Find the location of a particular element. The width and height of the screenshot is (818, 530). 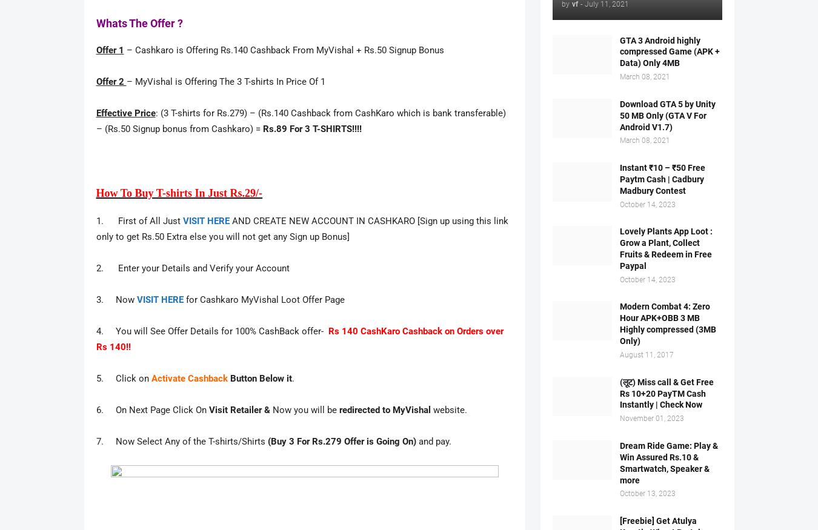

'Button Below it' is located at coordinates (259, 379).